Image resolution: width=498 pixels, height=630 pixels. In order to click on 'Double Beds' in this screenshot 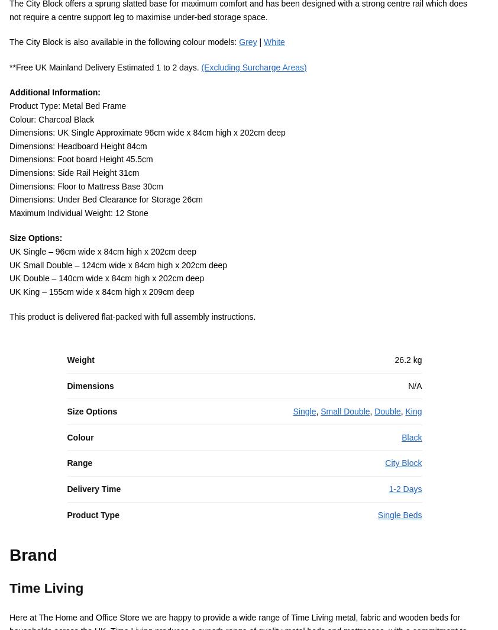, I will do `click(226, 388)`.